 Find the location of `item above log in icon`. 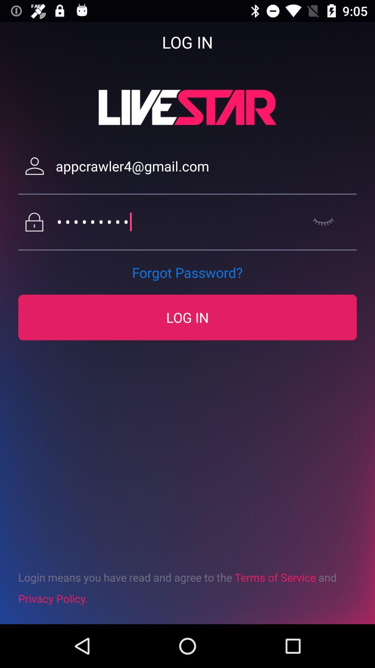

item above log in icon is located at coordinates (187, 272).